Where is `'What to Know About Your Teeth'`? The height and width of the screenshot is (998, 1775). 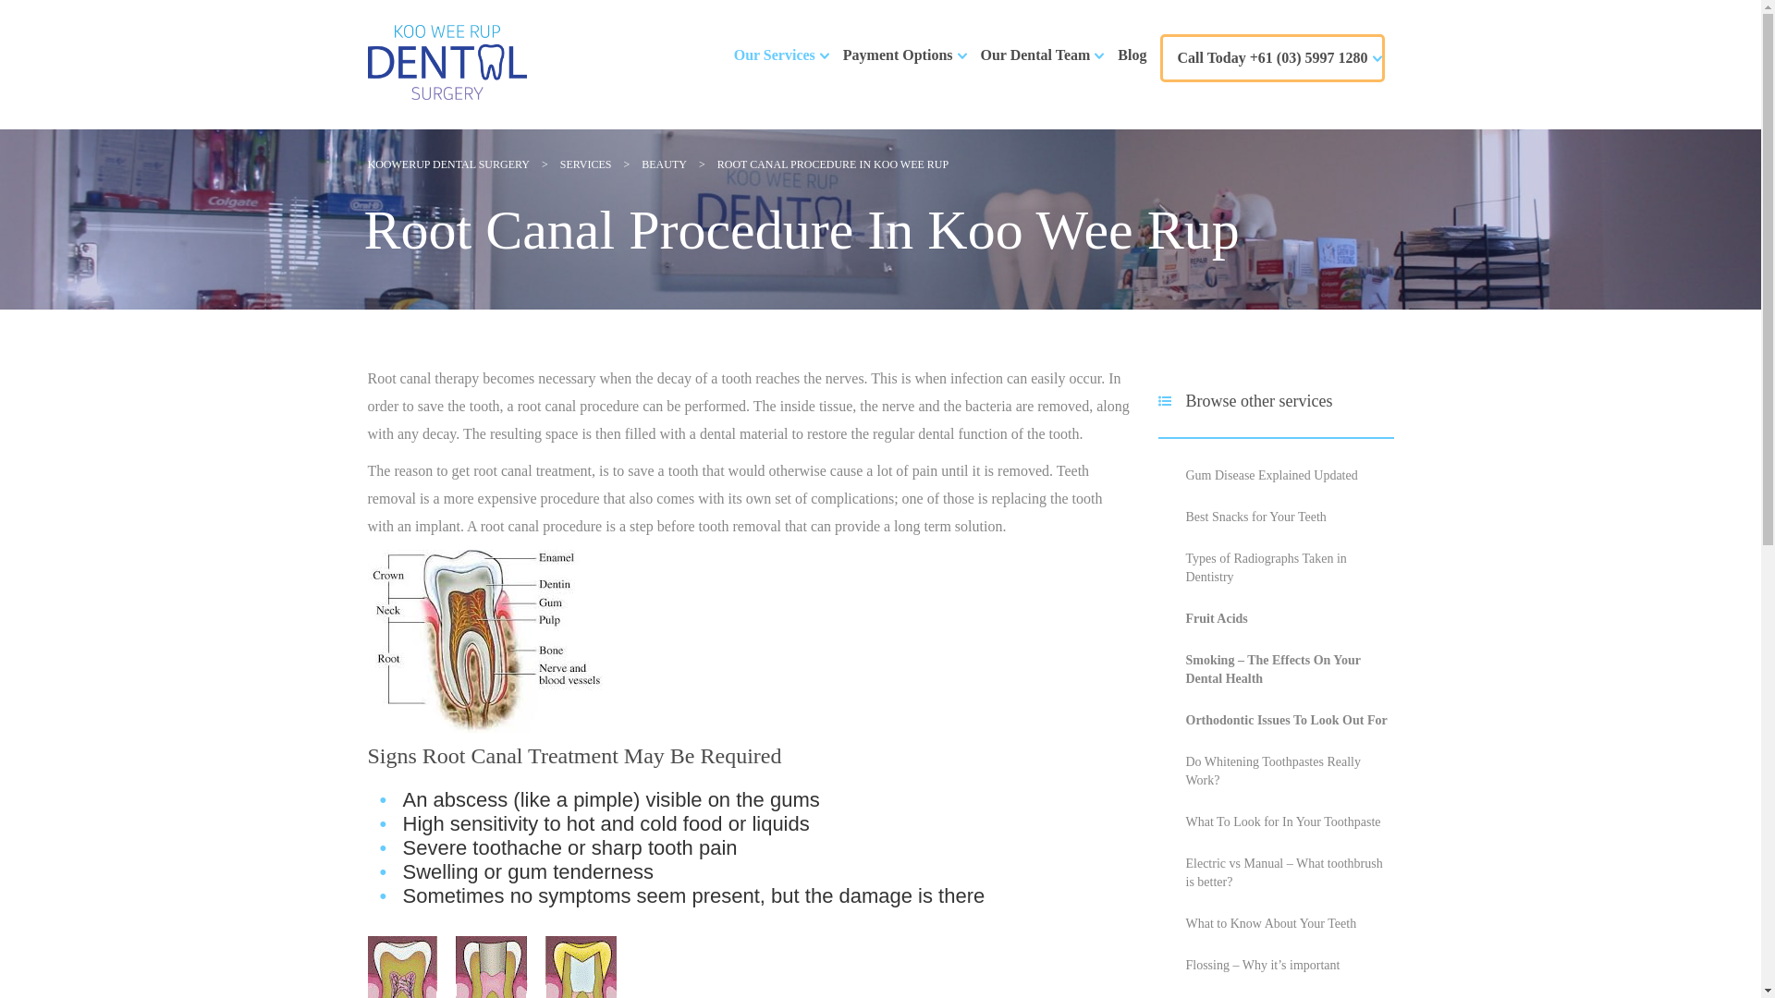
'What to Know About Your Teeth' is located at coordinates (1269, 923).